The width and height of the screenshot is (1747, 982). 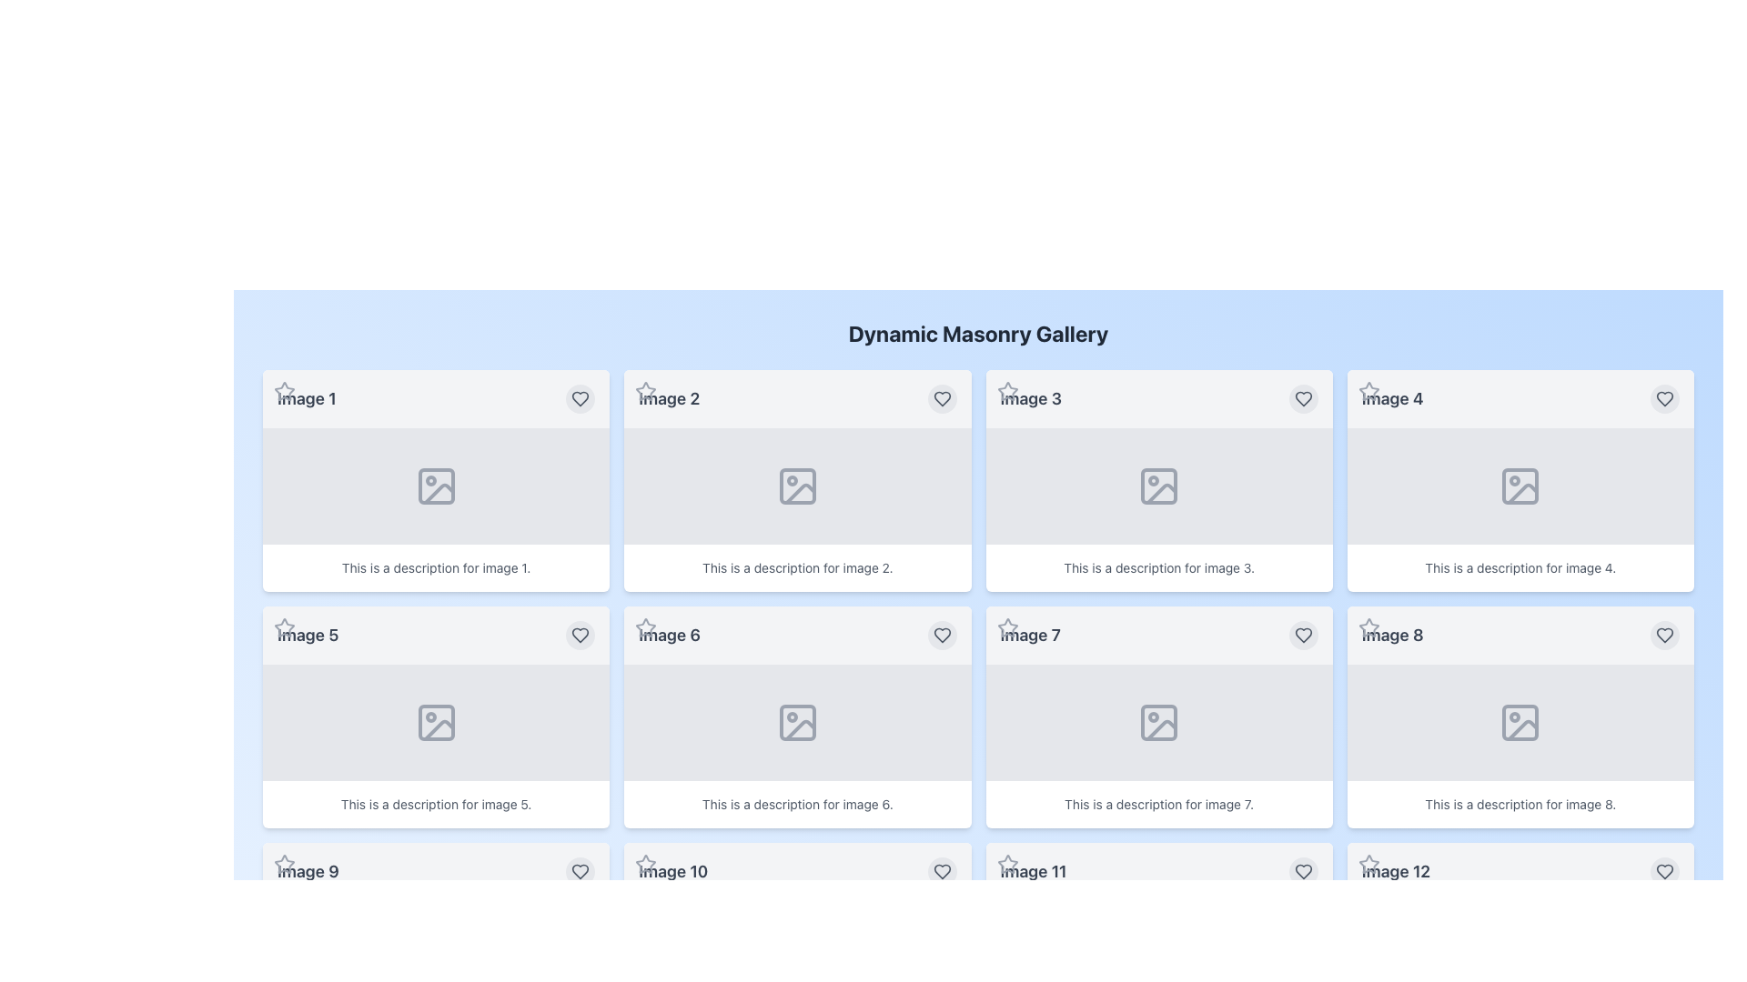 I want to click on the heart-shaped 'like' button located, so click(x=1664, y=634).